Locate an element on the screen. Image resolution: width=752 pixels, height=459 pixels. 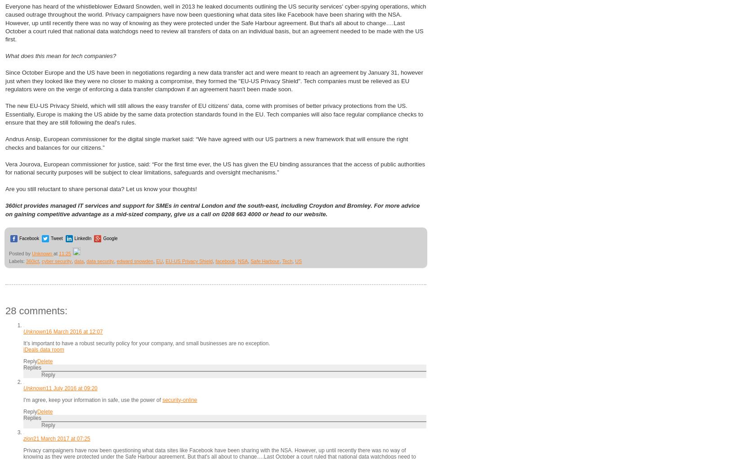
'Andrus Ansip, European commissioner for the digital single market said: “We have agreed with our US partners a new framework that will ensure the right checks and balances for our citizens.”' is located at coordinates (5, 143).